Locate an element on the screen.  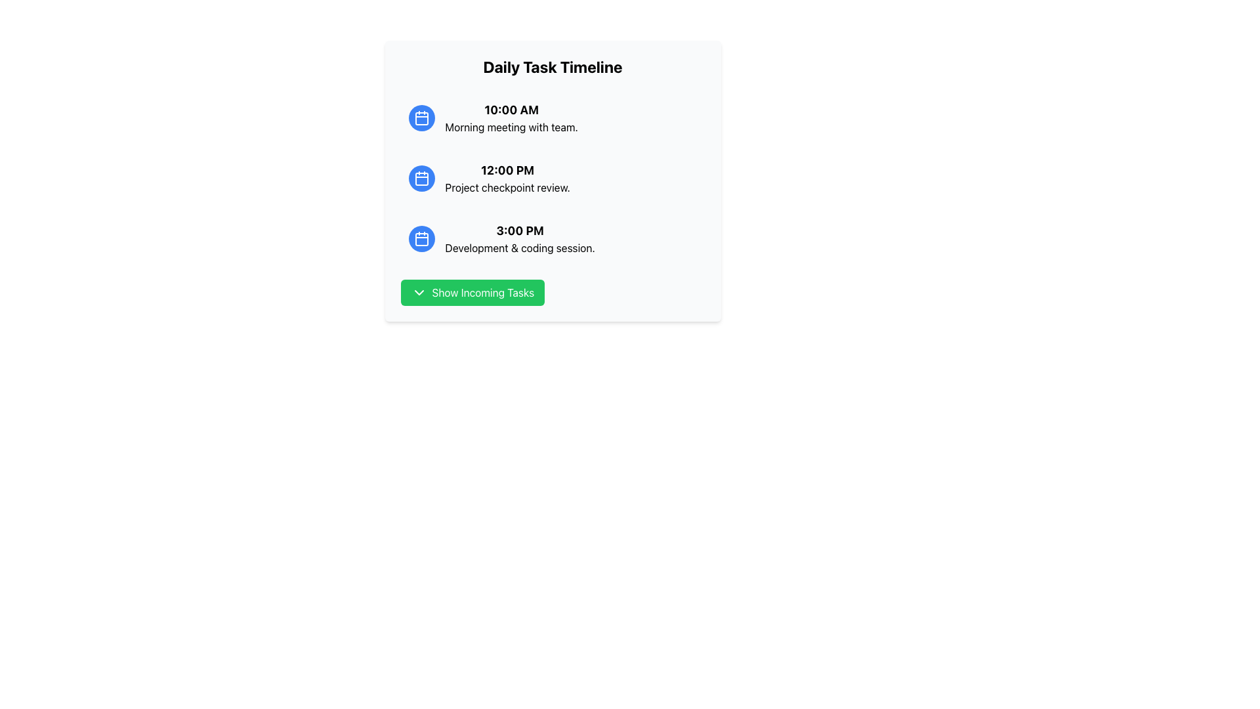
the Decorative SVG component, a small square with rounded corners and a red fill, located centrally within the calendar icon next to the text '10:00 AM' is located at coordinates (421, 119).